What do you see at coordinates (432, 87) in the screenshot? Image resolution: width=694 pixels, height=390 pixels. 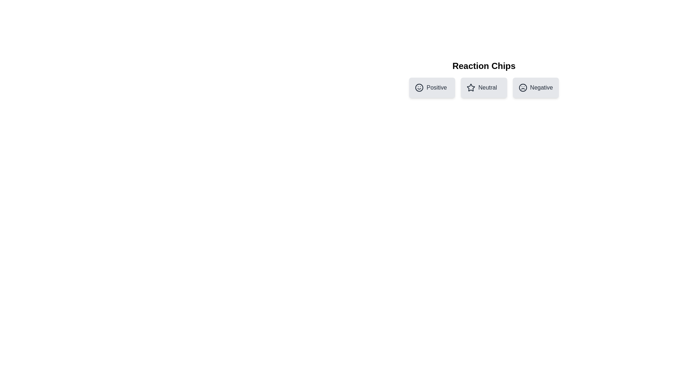 I see `the chip labeled Positive to preview its hover effect` at bounding box center [432, 87].